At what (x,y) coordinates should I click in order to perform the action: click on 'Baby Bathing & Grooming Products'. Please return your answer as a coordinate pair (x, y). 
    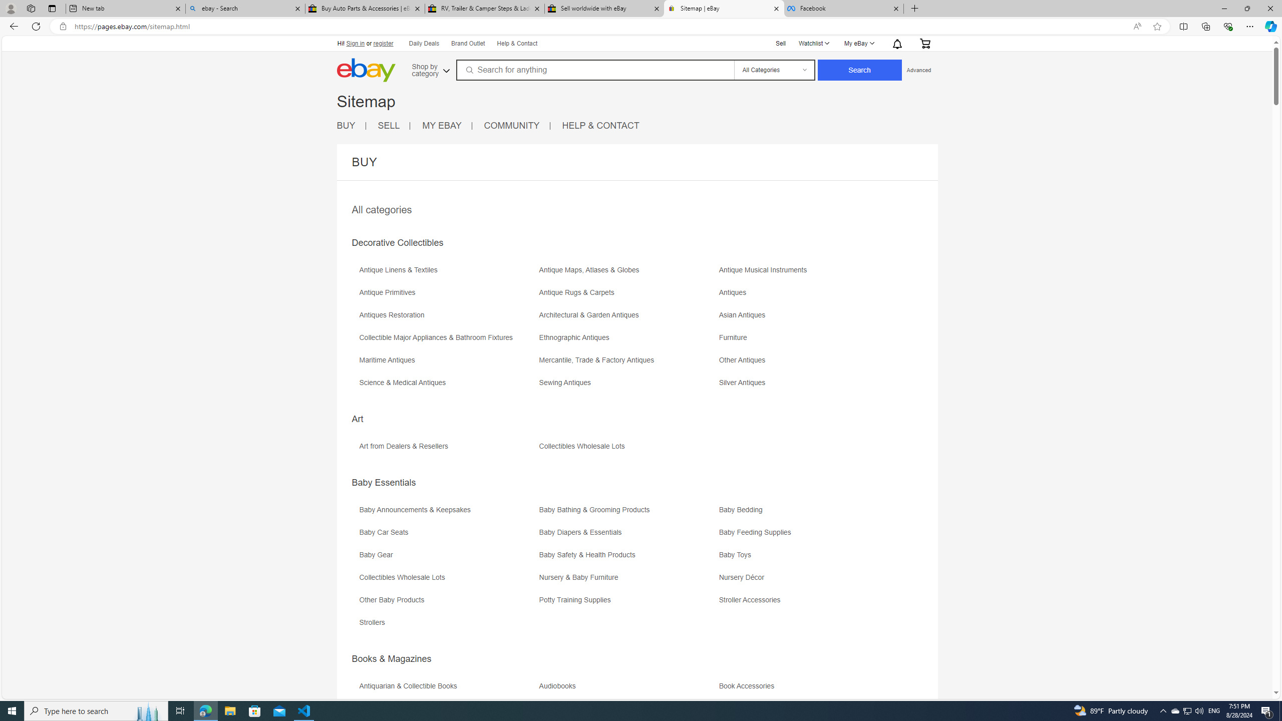
    Looking at the image, I should click on (596, 510).